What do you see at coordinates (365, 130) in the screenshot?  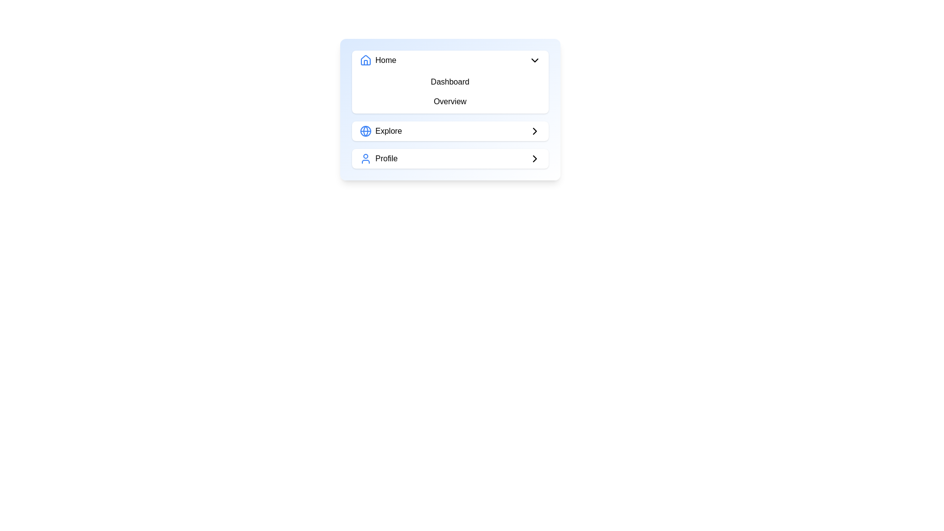 I see `the middle arc of the globe icon that symbolizes navigation, located in the center of the menu card next to the 'Explore' label` at bounding box center [365, 130].